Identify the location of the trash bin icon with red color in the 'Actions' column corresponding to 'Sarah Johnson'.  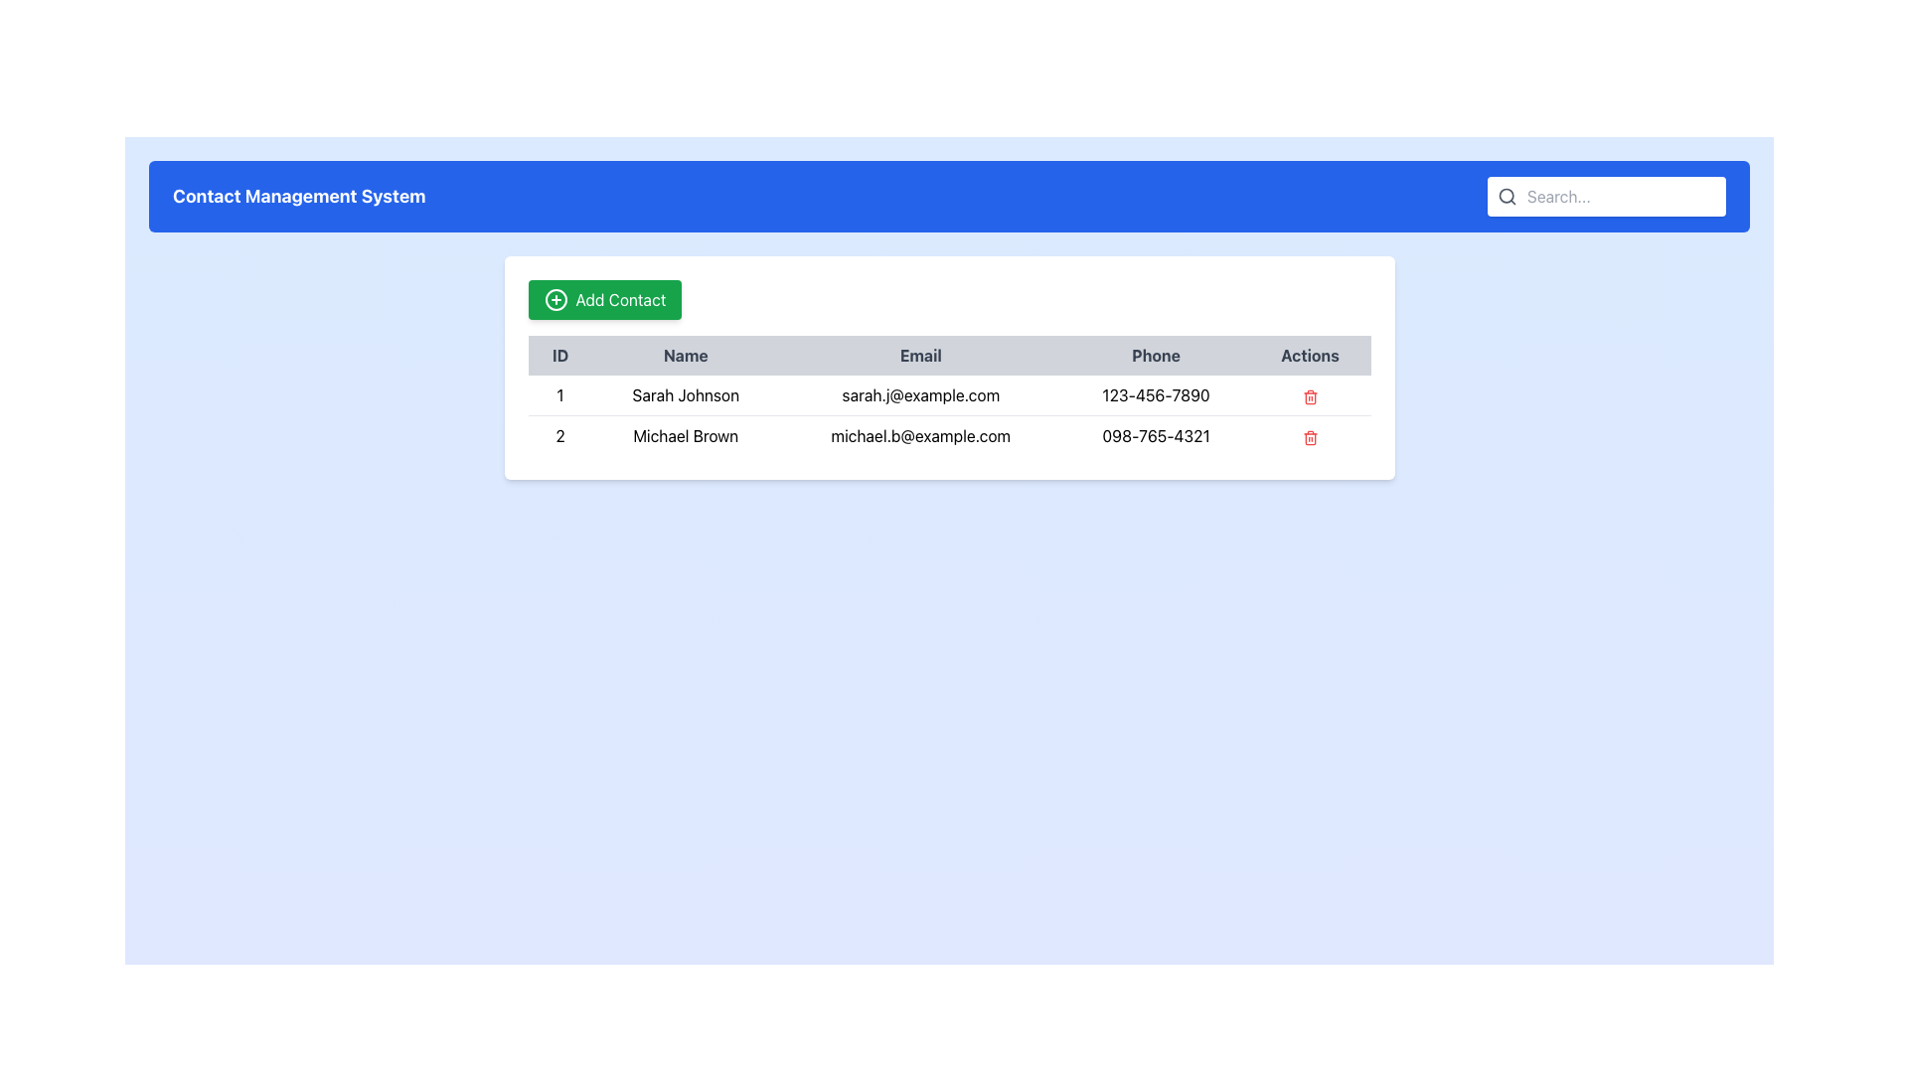
(1310, 394).